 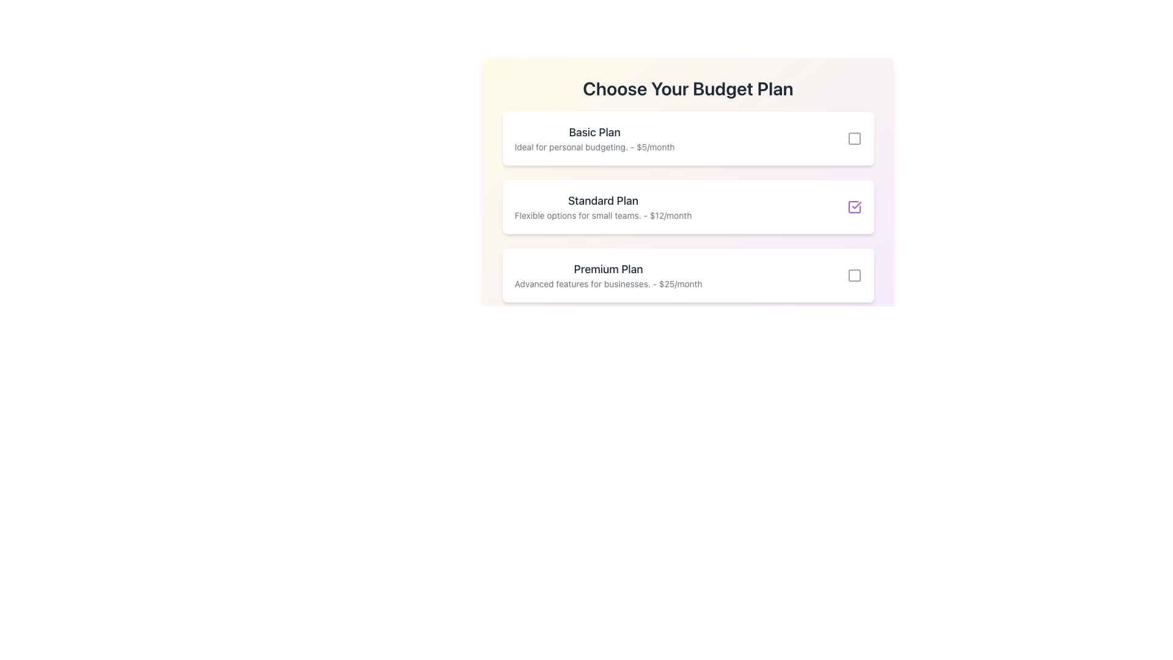 I want to click on the Premium Plan option in the pricing selection interface, so click(x=688, y=276).